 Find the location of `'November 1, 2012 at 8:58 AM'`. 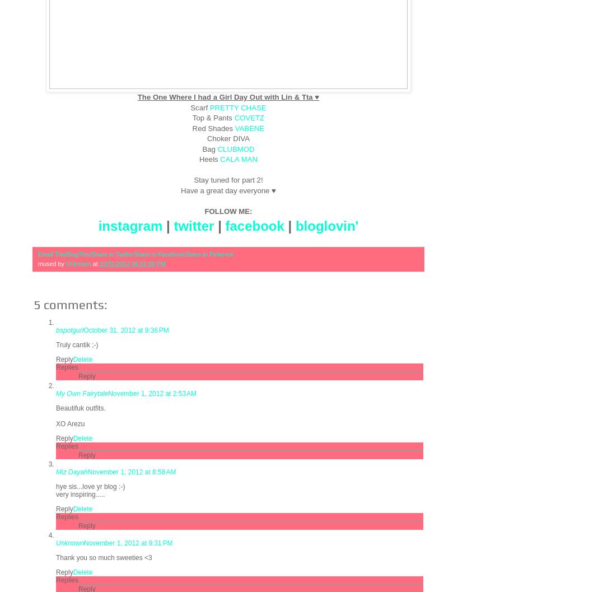

'November 1, 2012 at 8:58 AM' is located at coordinates (87, 471).